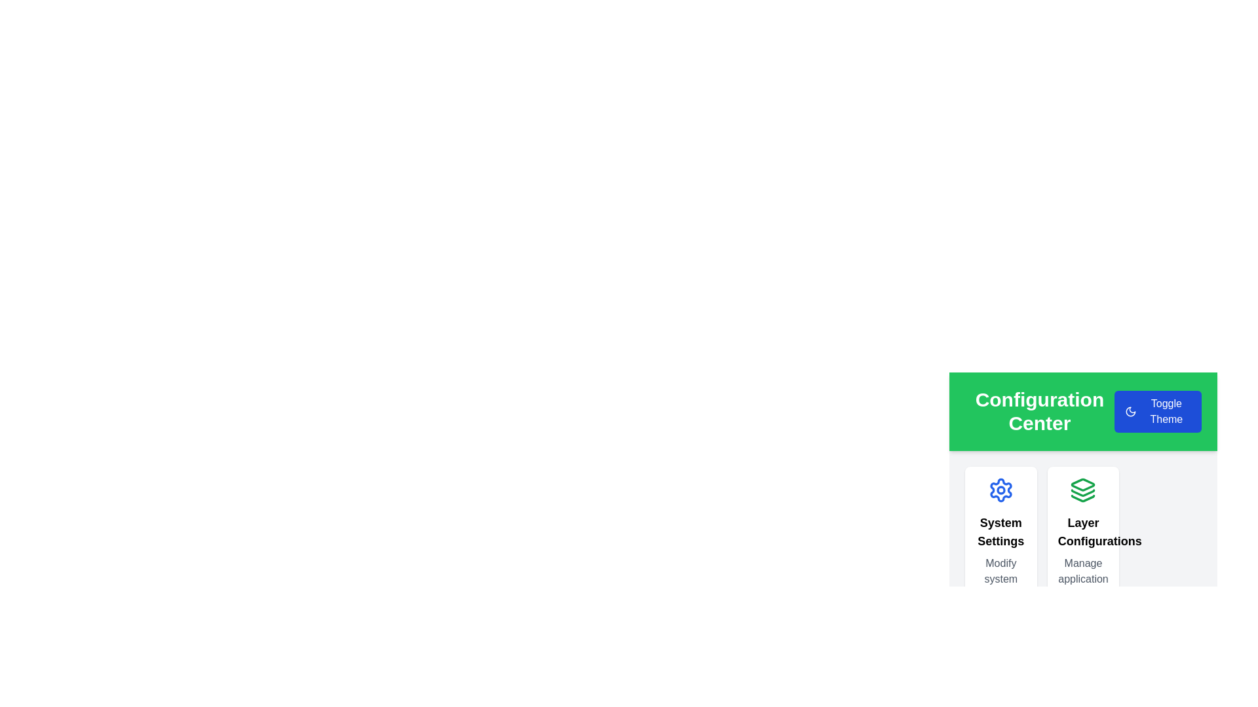 This screenshot has height=707, width=1258. I want to click on the Information Card located, so click(1083, 555).